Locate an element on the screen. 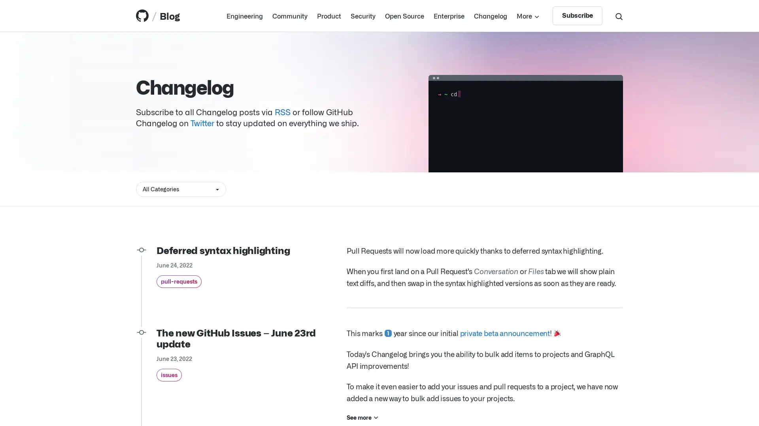 Image resolution: width=759 pixels, height=426 pixels. More is located at coordinates (528, 15).